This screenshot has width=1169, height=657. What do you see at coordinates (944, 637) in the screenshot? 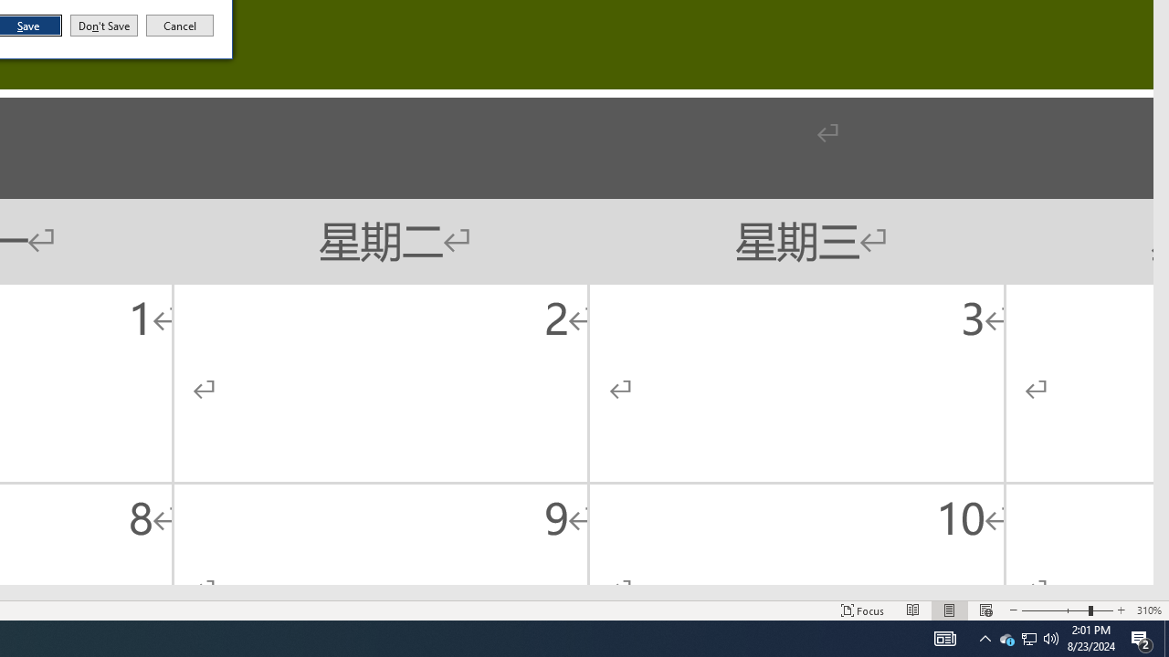
I see `'AutomationID: 4105'` at bounding box center [944, 637].